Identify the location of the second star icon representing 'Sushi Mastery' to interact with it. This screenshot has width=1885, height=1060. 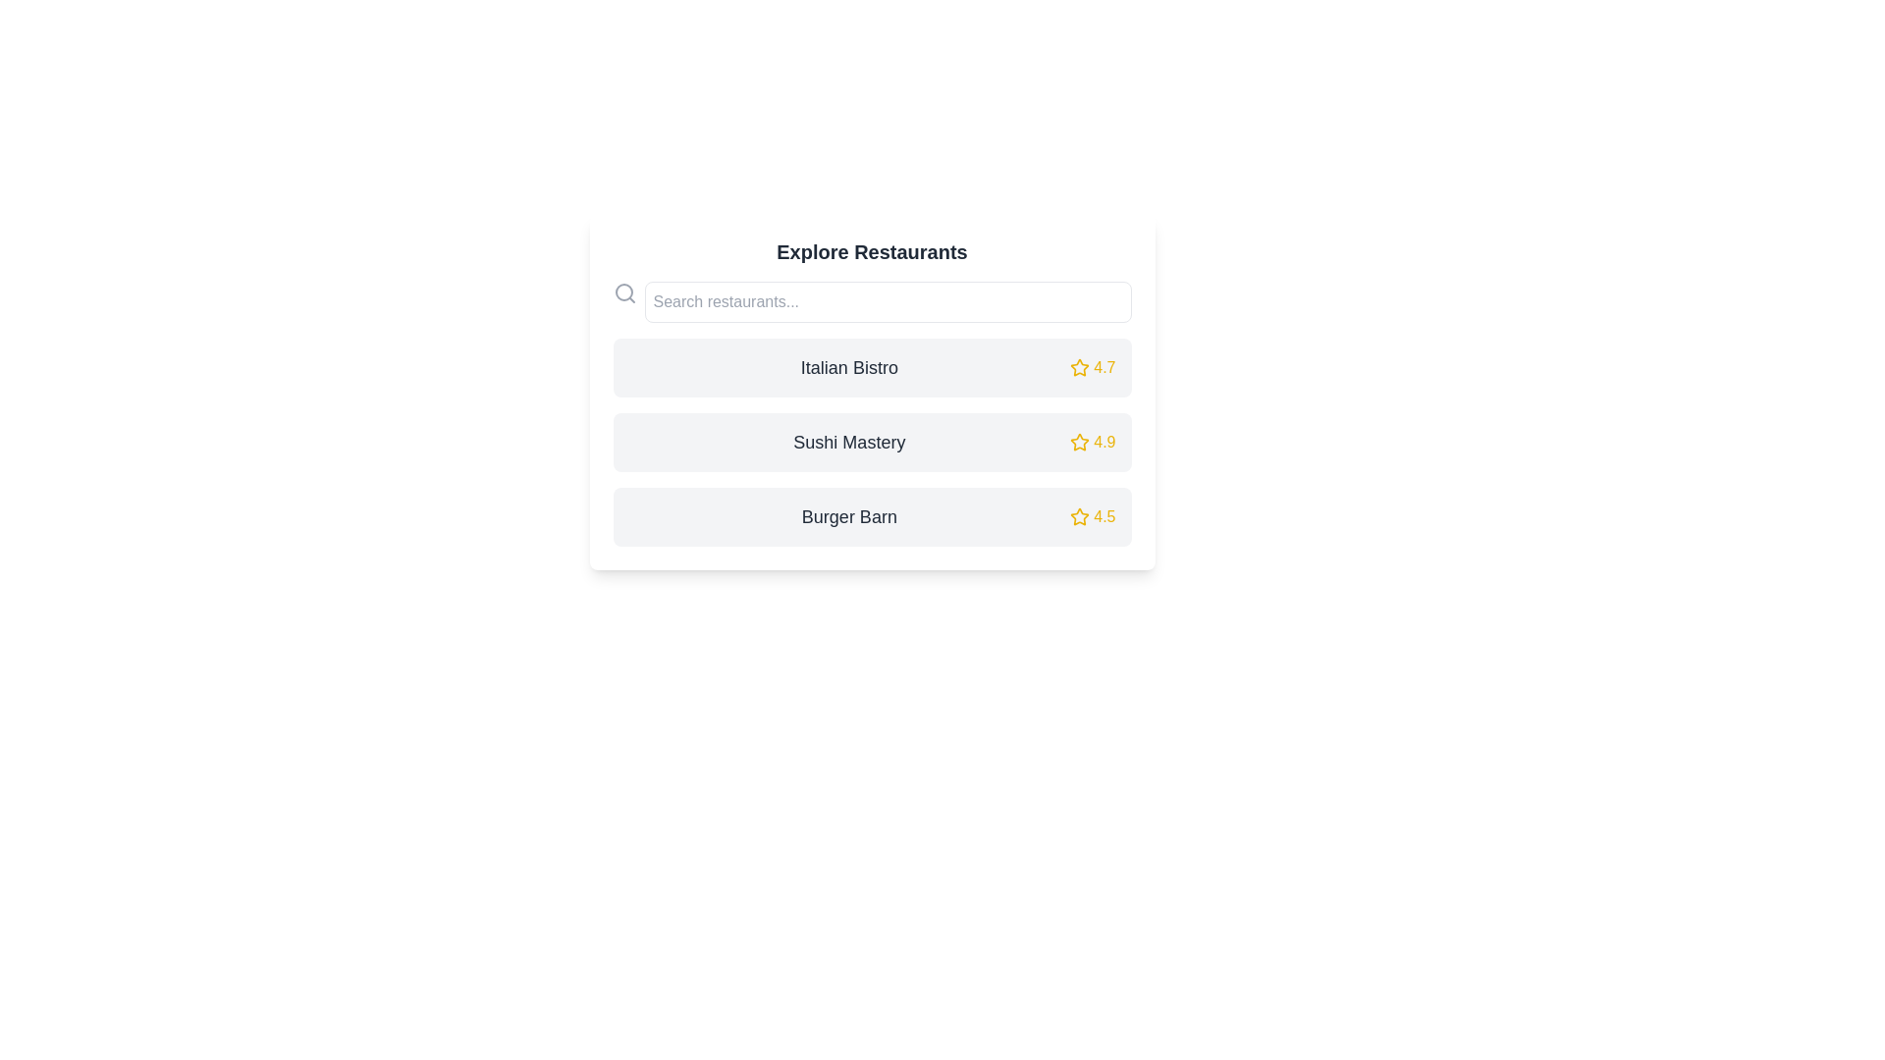
(1078, 442).